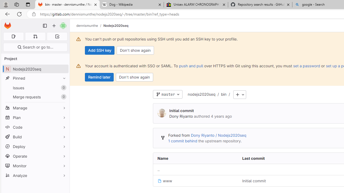  What do you see at coordinates (191, 65) in the screenshot?
I see `'push and pull'` at bounding box center [191, 65].